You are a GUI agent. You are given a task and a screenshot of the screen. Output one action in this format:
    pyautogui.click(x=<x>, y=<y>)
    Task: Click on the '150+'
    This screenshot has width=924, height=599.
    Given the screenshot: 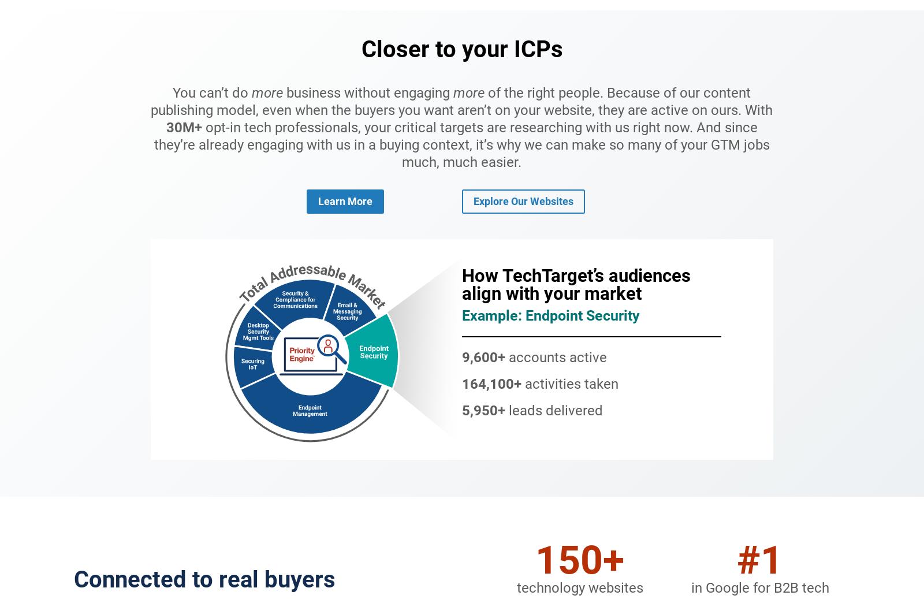 What is the action you would take?
    pyautogui.click(x=579, y=559)
    